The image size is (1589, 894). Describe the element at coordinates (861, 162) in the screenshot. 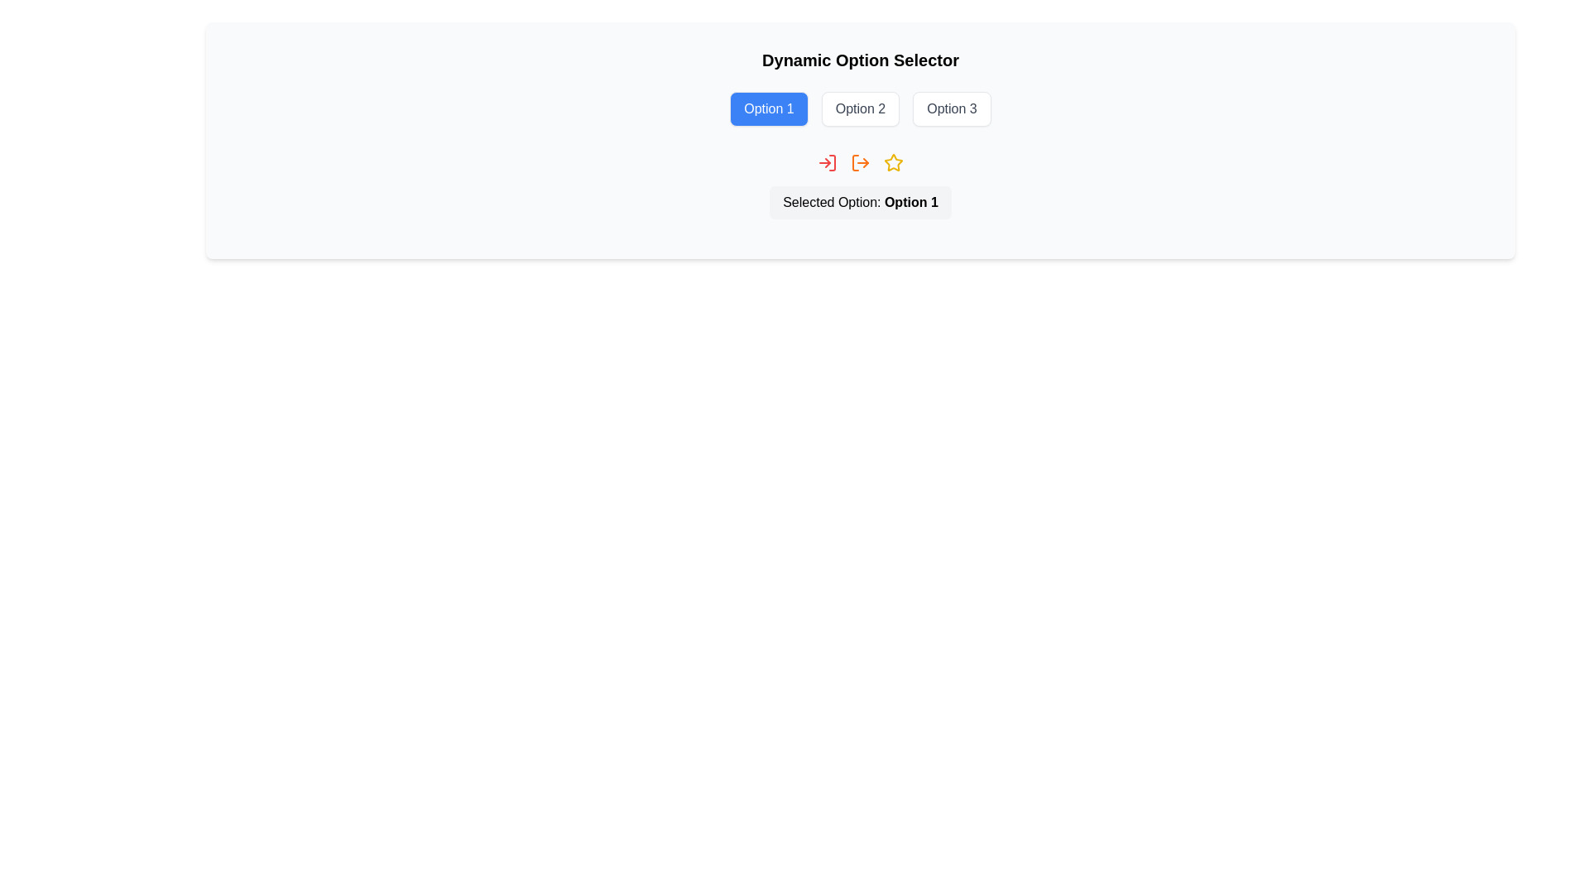

I see `the group of three icons consisting of a red arrow pointing right, an orange arrow, and a yellow star, located beneath the selectable buttons labeled 'Option 1', 'Option 2', and 'Option 3'` at that location.